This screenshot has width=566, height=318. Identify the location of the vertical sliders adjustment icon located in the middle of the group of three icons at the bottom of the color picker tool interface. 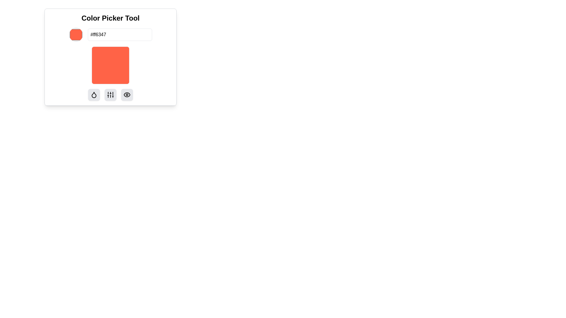
(110, 94).